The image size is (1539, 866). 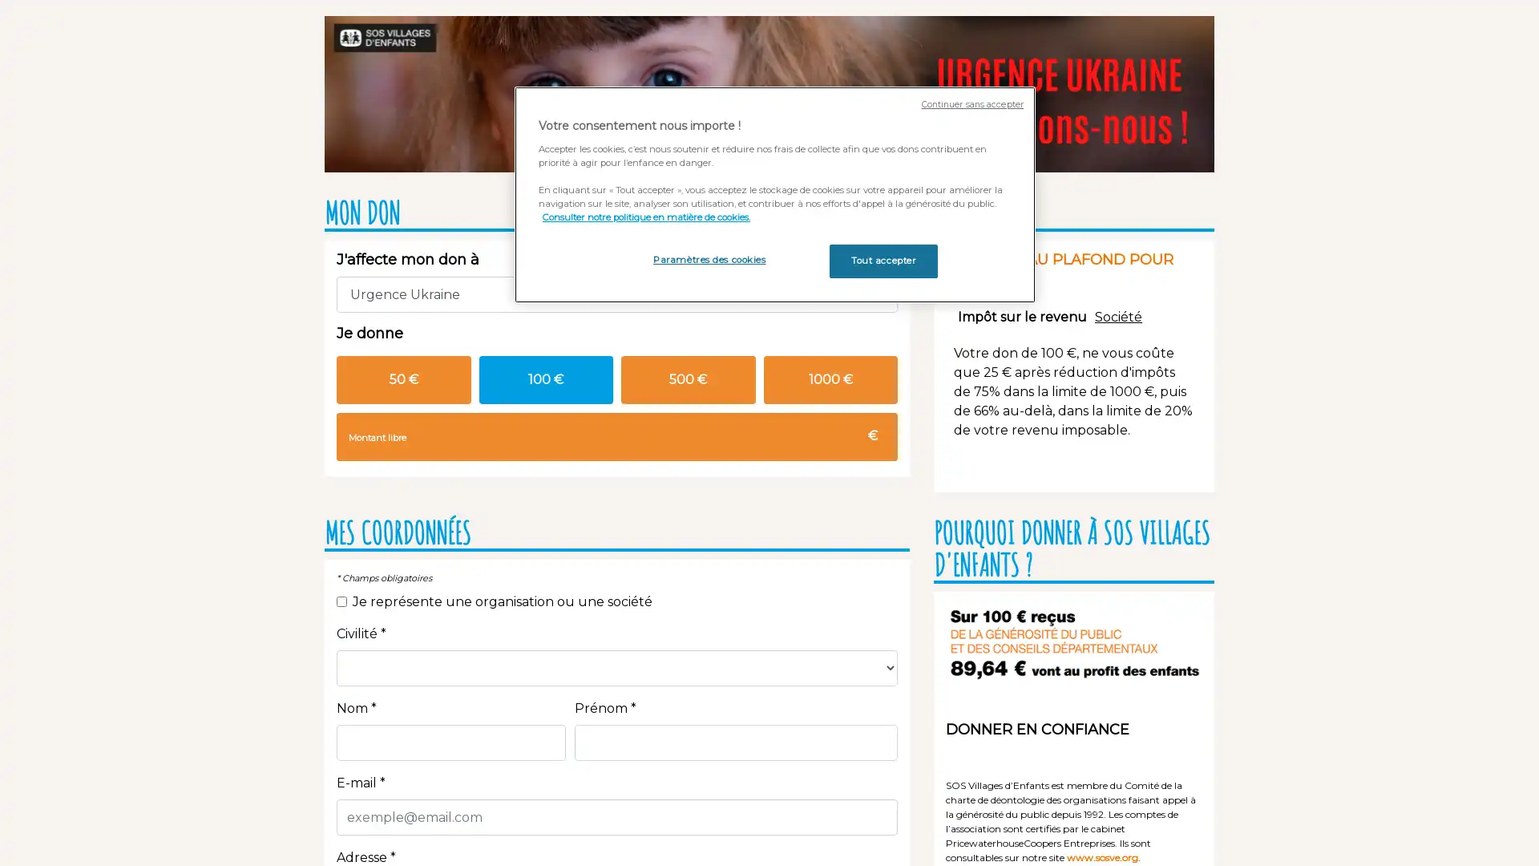 What do you see at coordinates (971, 104) in the screenshot?
I see `Continuer sans accepter` at bounding box center [971, 104].